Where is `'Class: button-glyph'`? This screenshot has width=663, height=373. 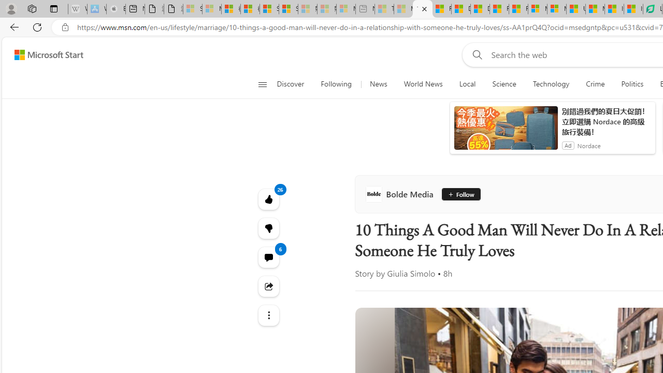
'Class: button-glyph' is located at coordinates (262, 84).